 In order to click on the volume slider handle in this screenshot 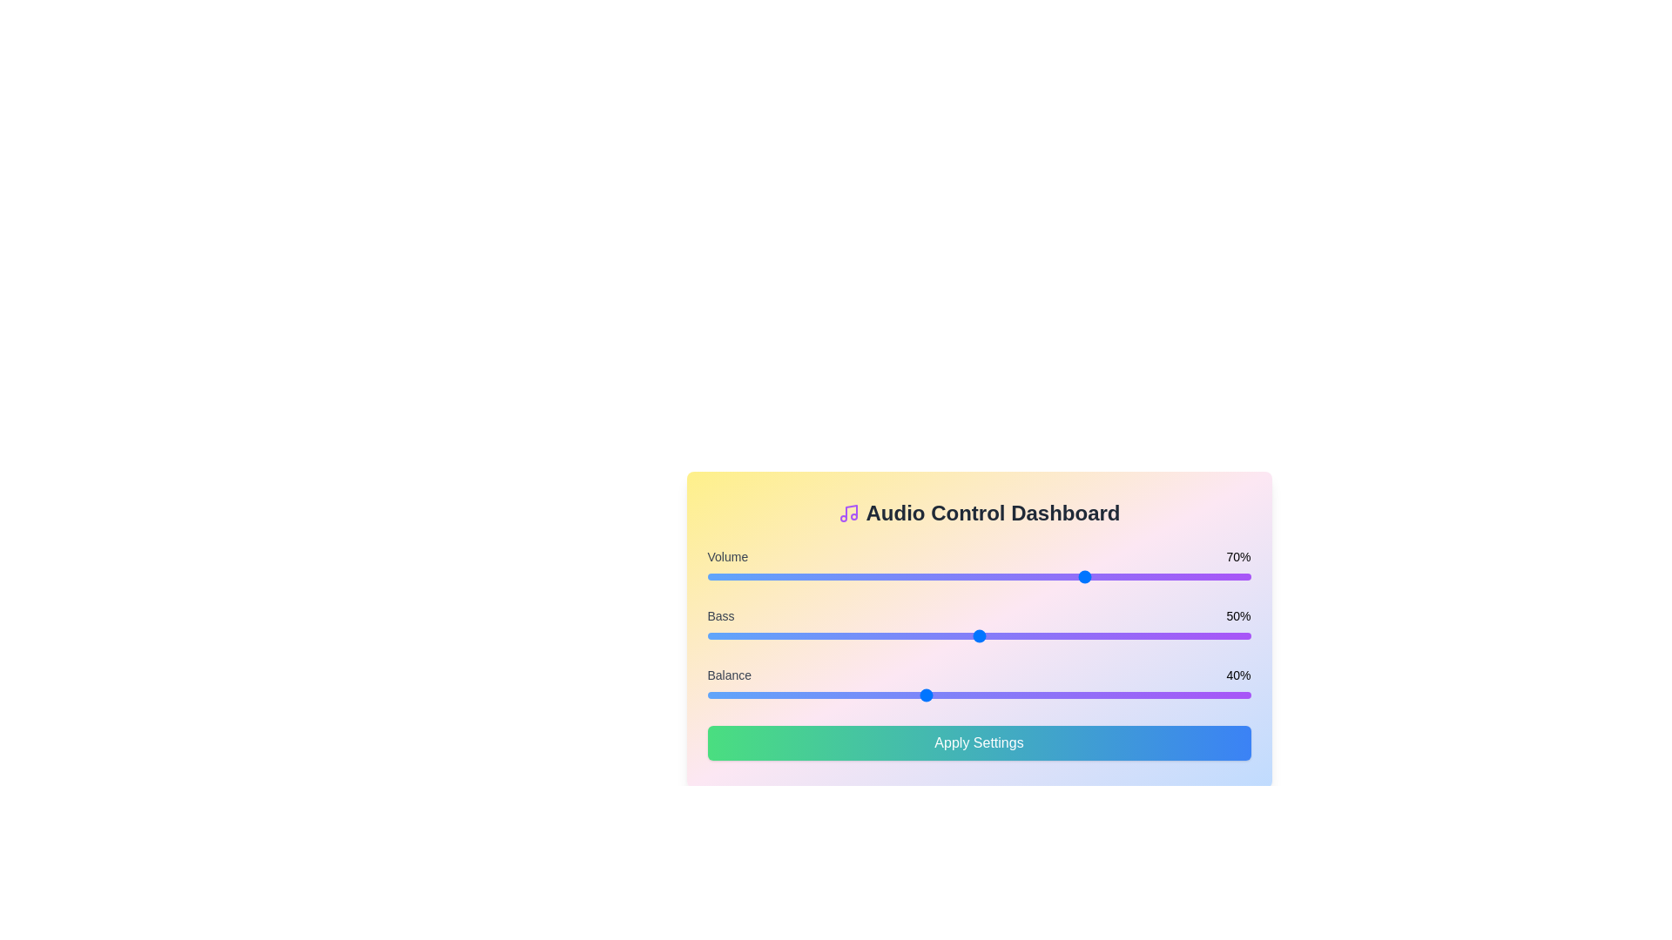, I will do `click(979, 577)`.